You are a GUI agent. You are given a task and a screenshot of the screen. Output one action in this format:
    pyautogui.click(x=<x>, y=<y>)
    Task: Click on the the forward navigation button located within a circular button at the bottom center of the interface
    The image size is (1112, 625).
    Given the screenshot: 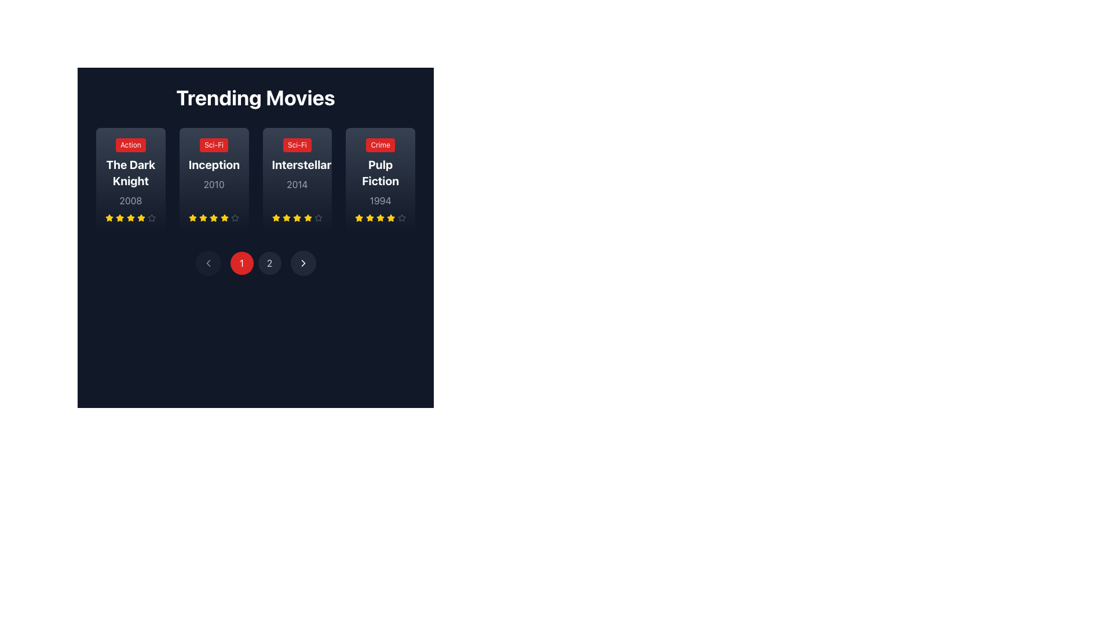 What is the action you would take?
    pyautogui.click(x=303, y=263)
    